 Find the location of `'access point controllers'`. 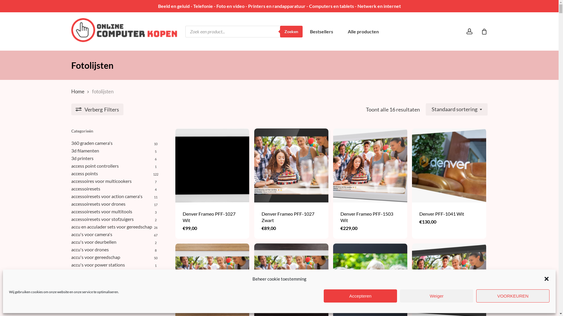

'access point controllers' is located at coordinates (114, 166).